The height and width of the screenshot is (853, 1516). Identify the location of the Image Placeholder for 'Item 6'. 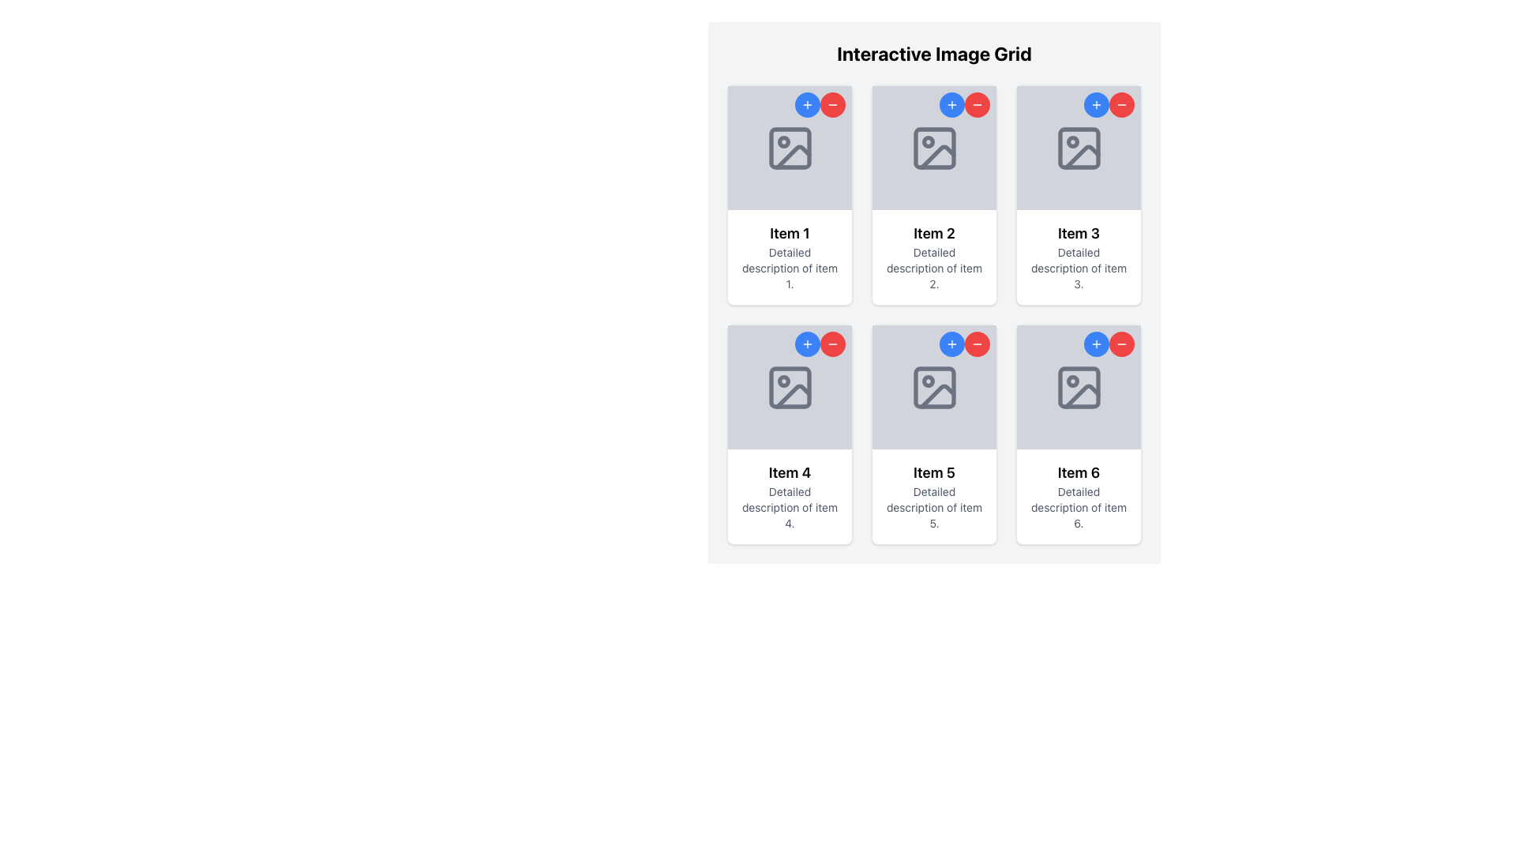
(1078, 387).